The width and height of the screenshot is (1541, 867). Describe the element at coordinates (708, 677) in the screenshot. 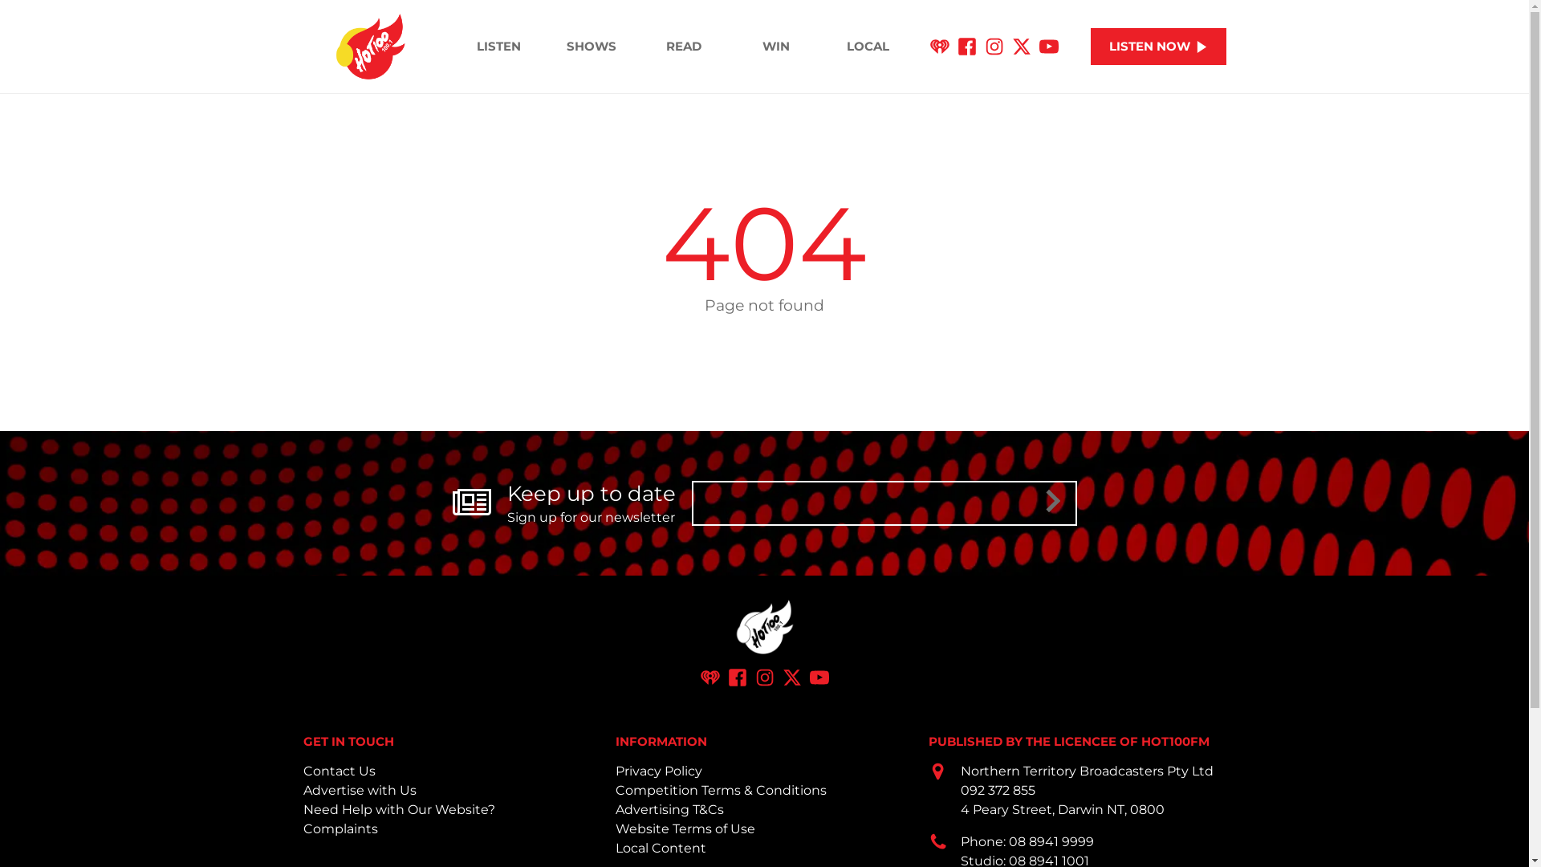

I see `'iHeart'` at that location.